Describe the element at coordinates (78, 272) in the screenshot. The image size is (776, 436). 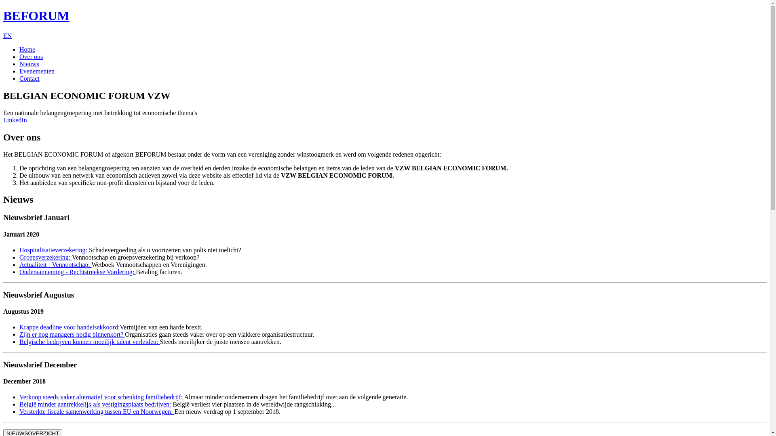
I see `'Onderaanneming - Rechtstreekse Vordering:'` at that location.